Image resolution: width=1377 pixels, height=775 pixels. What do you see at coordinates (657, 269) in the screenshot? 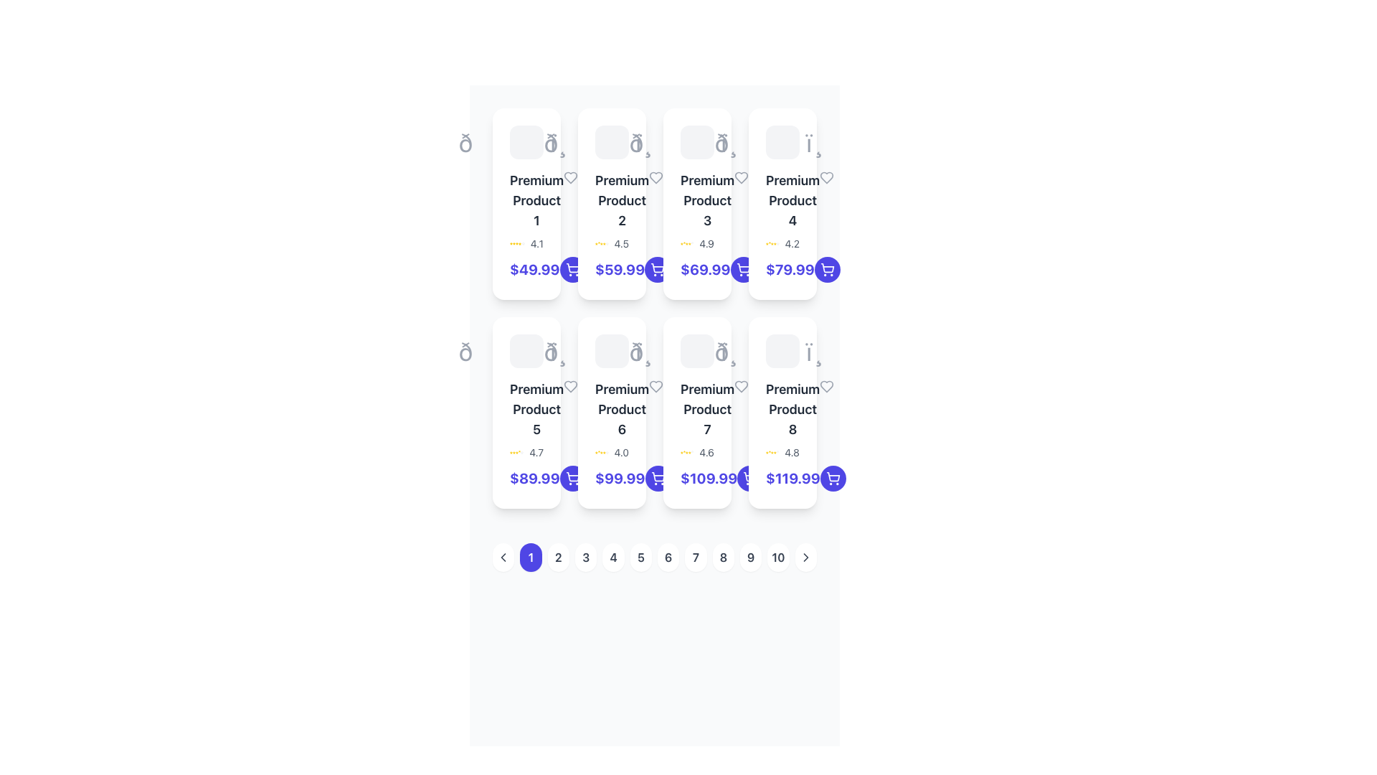
I see `the small shopping cart icon within the purple circular background` at bounding box center [657, 269].